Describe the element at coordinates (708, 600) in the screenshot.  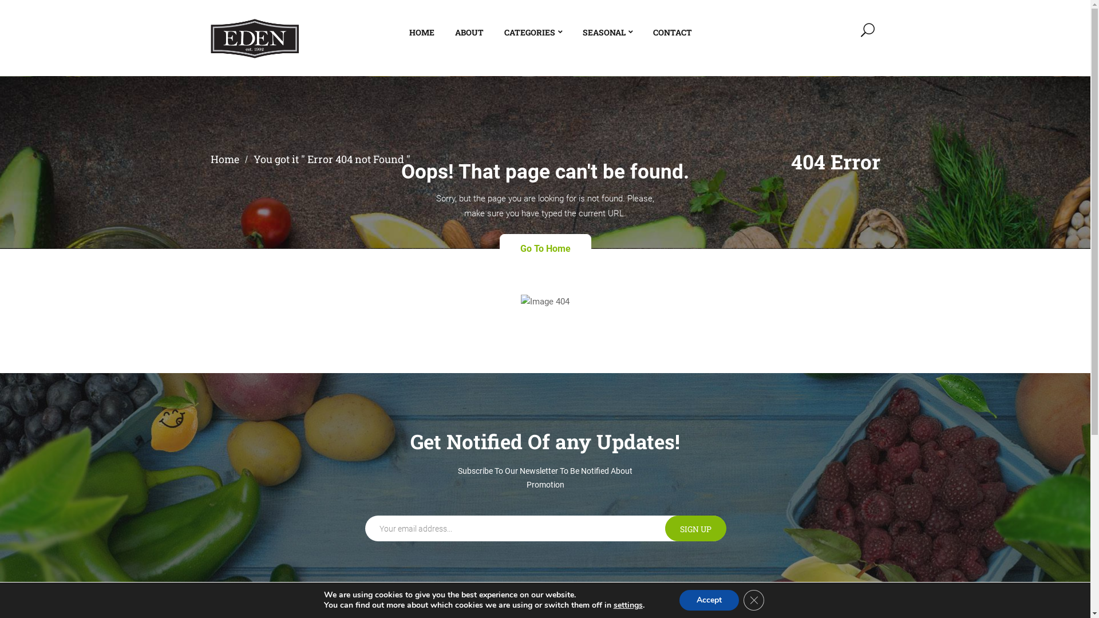
I see `'Accept'` at that location.